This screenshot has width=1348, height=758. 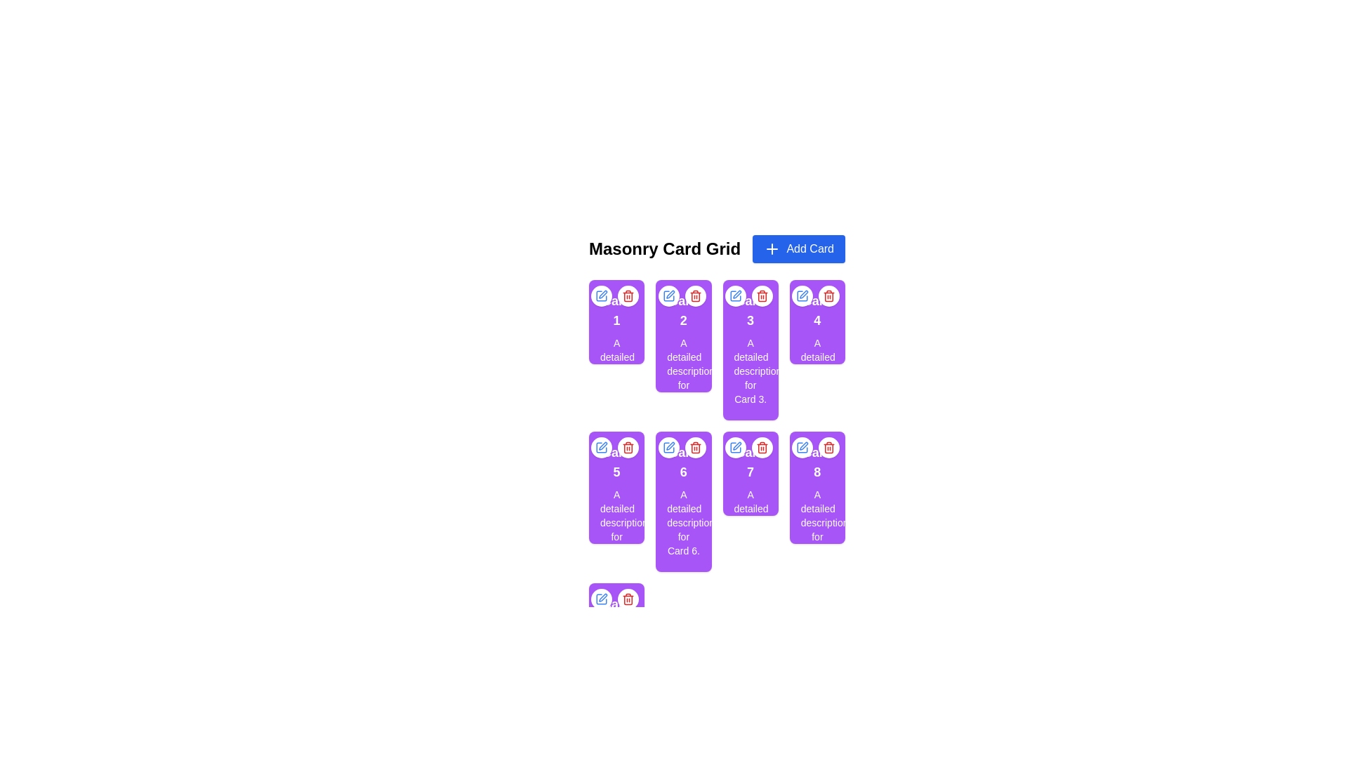 I want to click on the 'edit' icon located at the top-left corner of the card header to initiate editing, so click(x=804, y=446).